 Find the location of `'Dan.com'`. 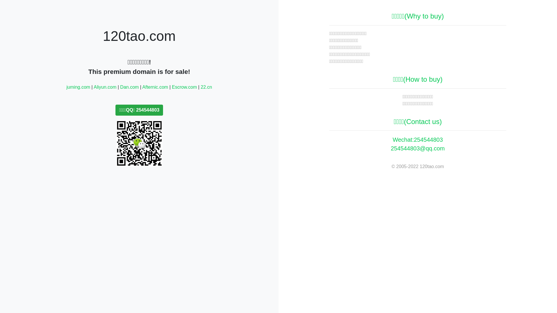

'Dan.com' is located at coordinates (129, 87).